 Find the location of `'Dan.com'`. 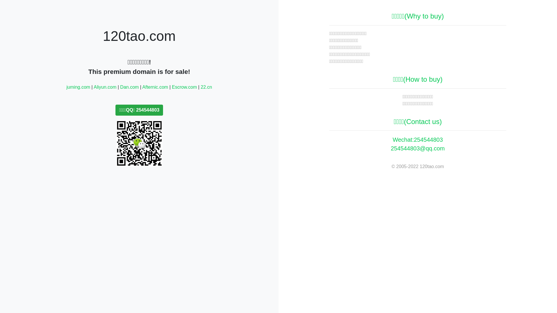

'Dan.com' is located at coordinates (129, 87).